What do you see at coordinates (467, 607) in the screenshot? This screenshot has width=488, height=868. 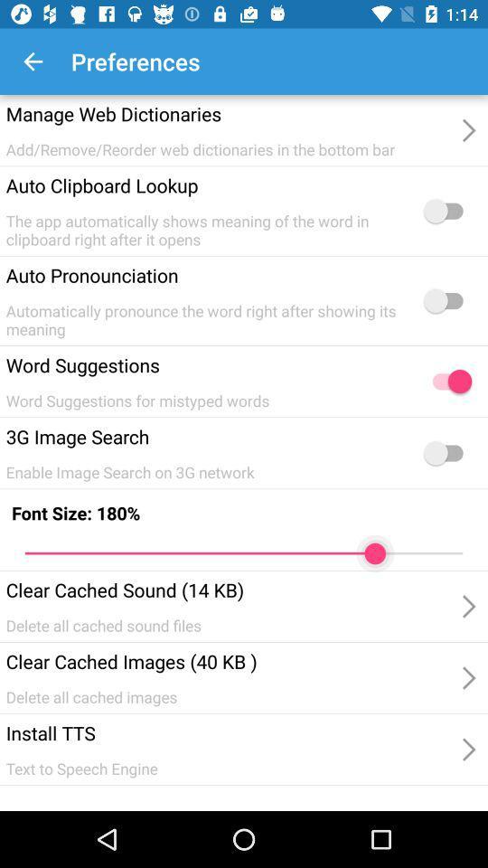 I see `the forward arrow symbol beside clear cached images 40 kb` at bounding box center [467, 607].